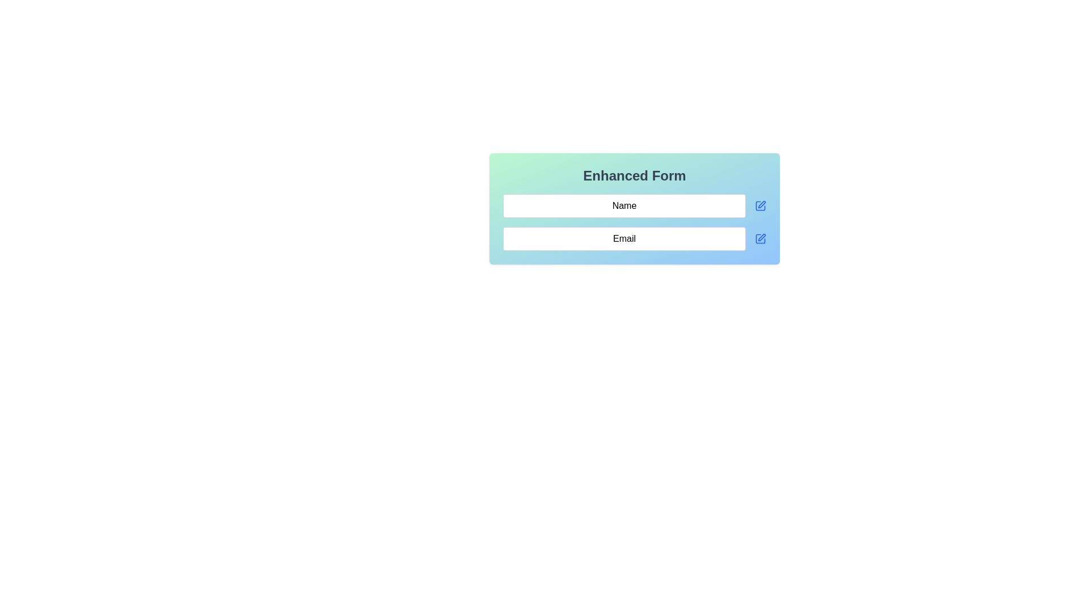 The image size is (1089, 613). What do you see at coordinates (634, 238) in the screenshot?
I see `the 'Email' text input field, which is the second input in the 'Enhanced Form' and is styled with a white background and light gray border, to focus on it` at bounding box center [634, 238].